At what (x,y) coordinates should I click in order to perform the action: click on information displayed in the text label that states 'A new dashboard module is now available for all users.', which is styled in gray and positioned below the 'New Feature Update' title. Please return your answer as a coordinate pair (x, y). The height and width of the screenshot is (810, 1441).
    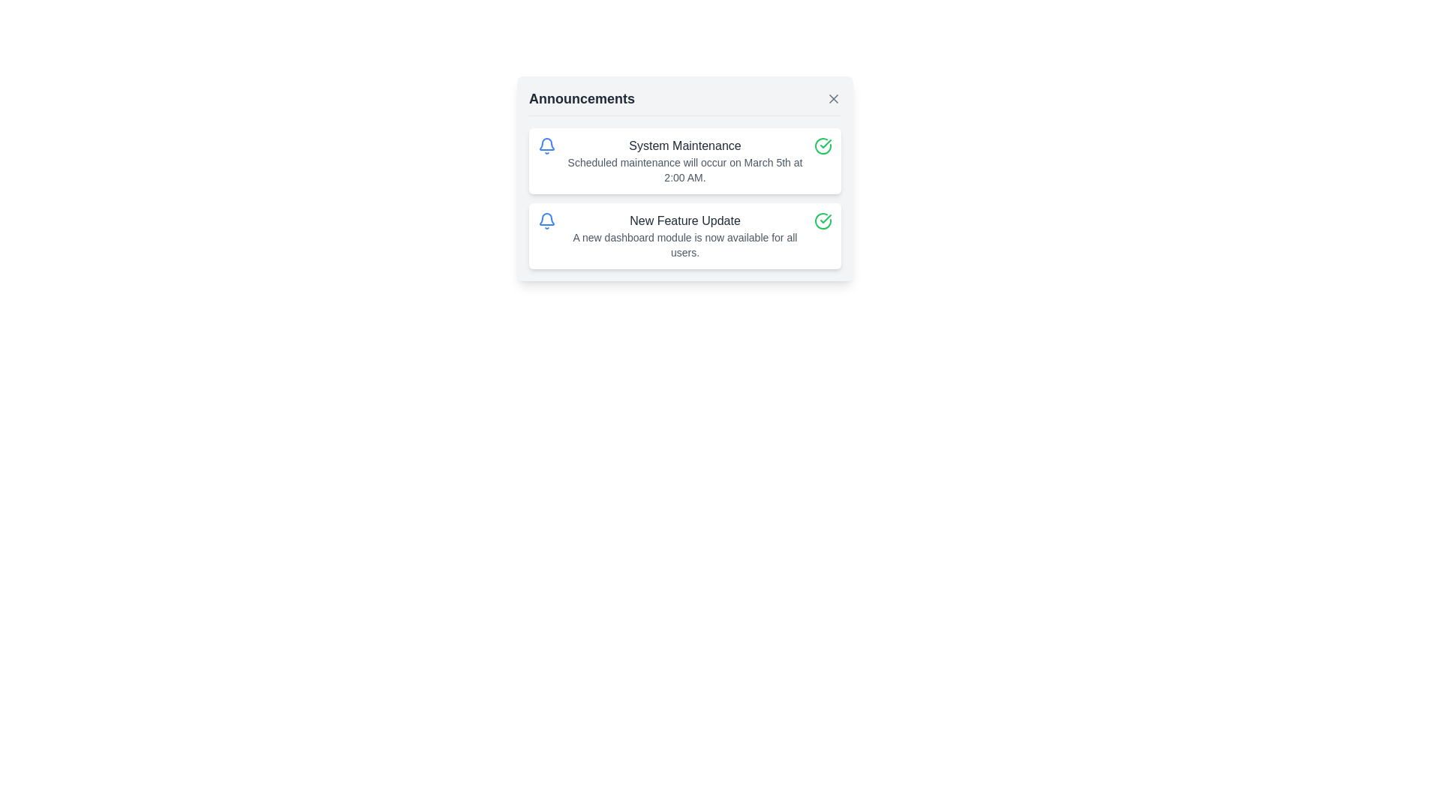
    Looking at the image, I should click on (684, 244).